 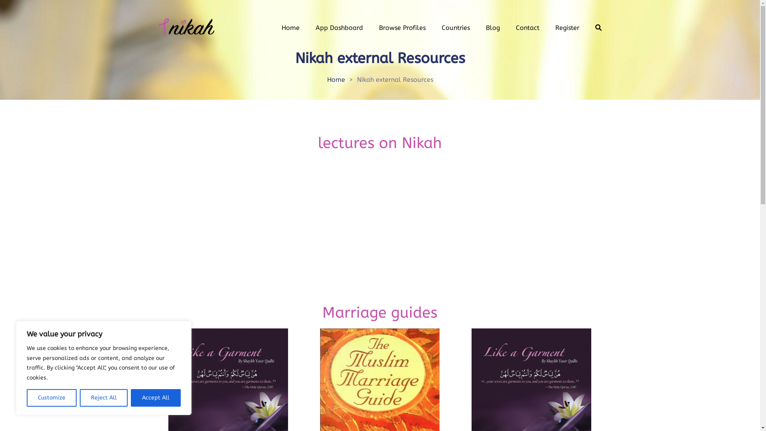 I want to click on 'Reject All', so click(x=80, y=397).